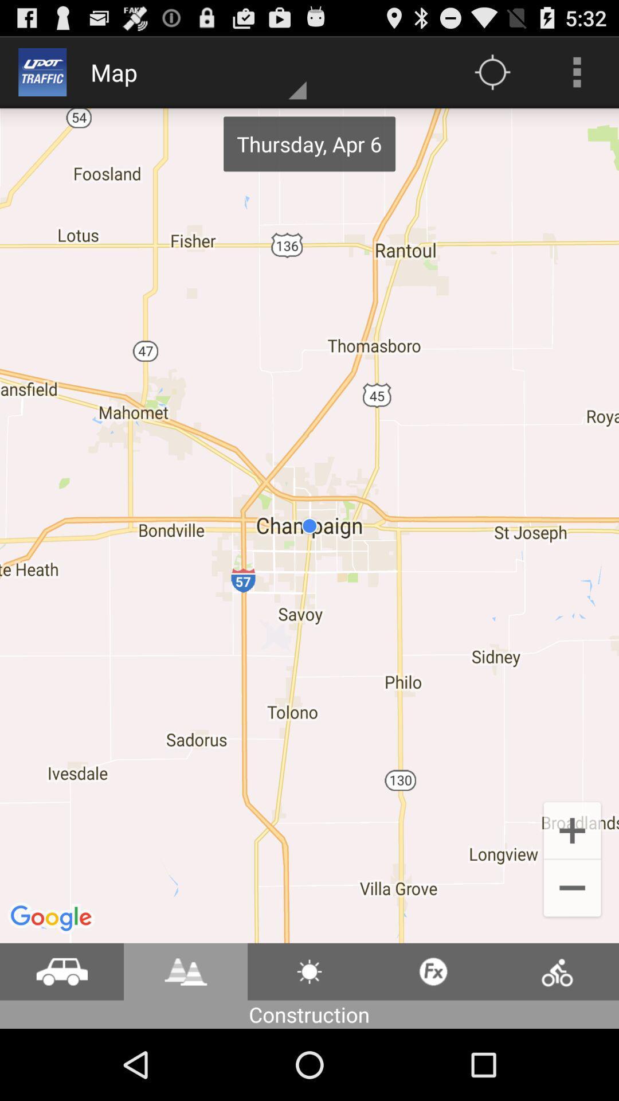 Image resolution: width=619 pixels, height=1101 pixels. Describe the element at coordinates (557, 971) in the screenshot. I see `opens up biking options` at that location.